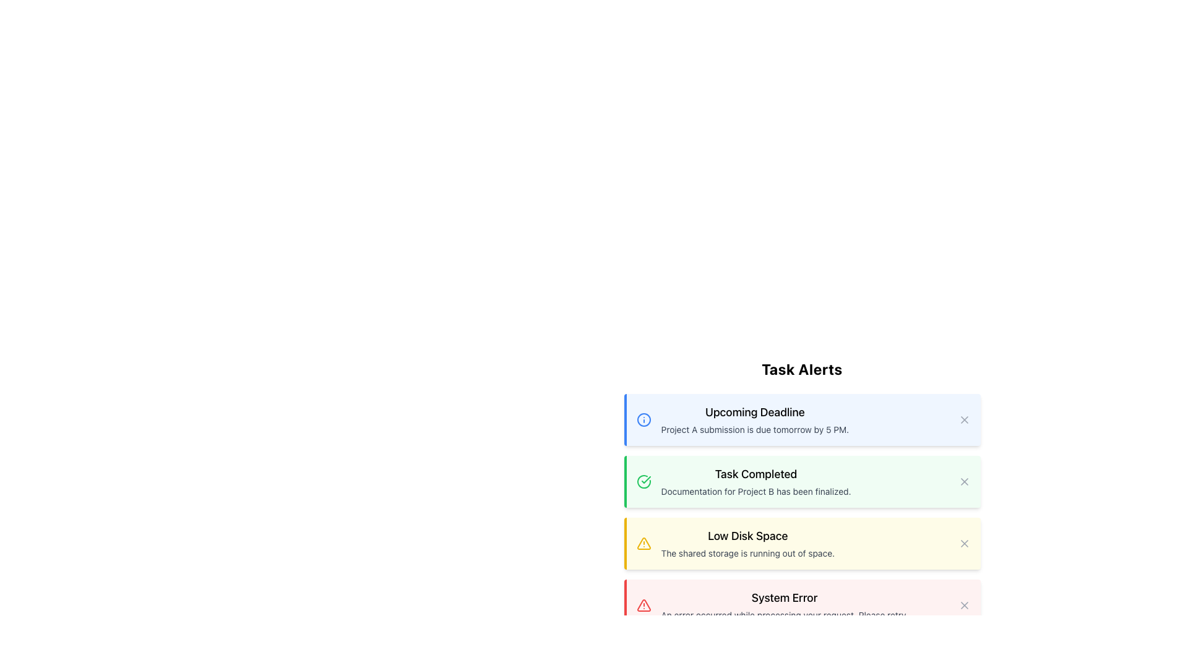 This screenshot has height=668, width=1188. Describe the element at coordinates (645, 479) in the screenshot. I see `the checkmark icon that signifies task completion from its position in the 'Task Completed' notification` at that location.